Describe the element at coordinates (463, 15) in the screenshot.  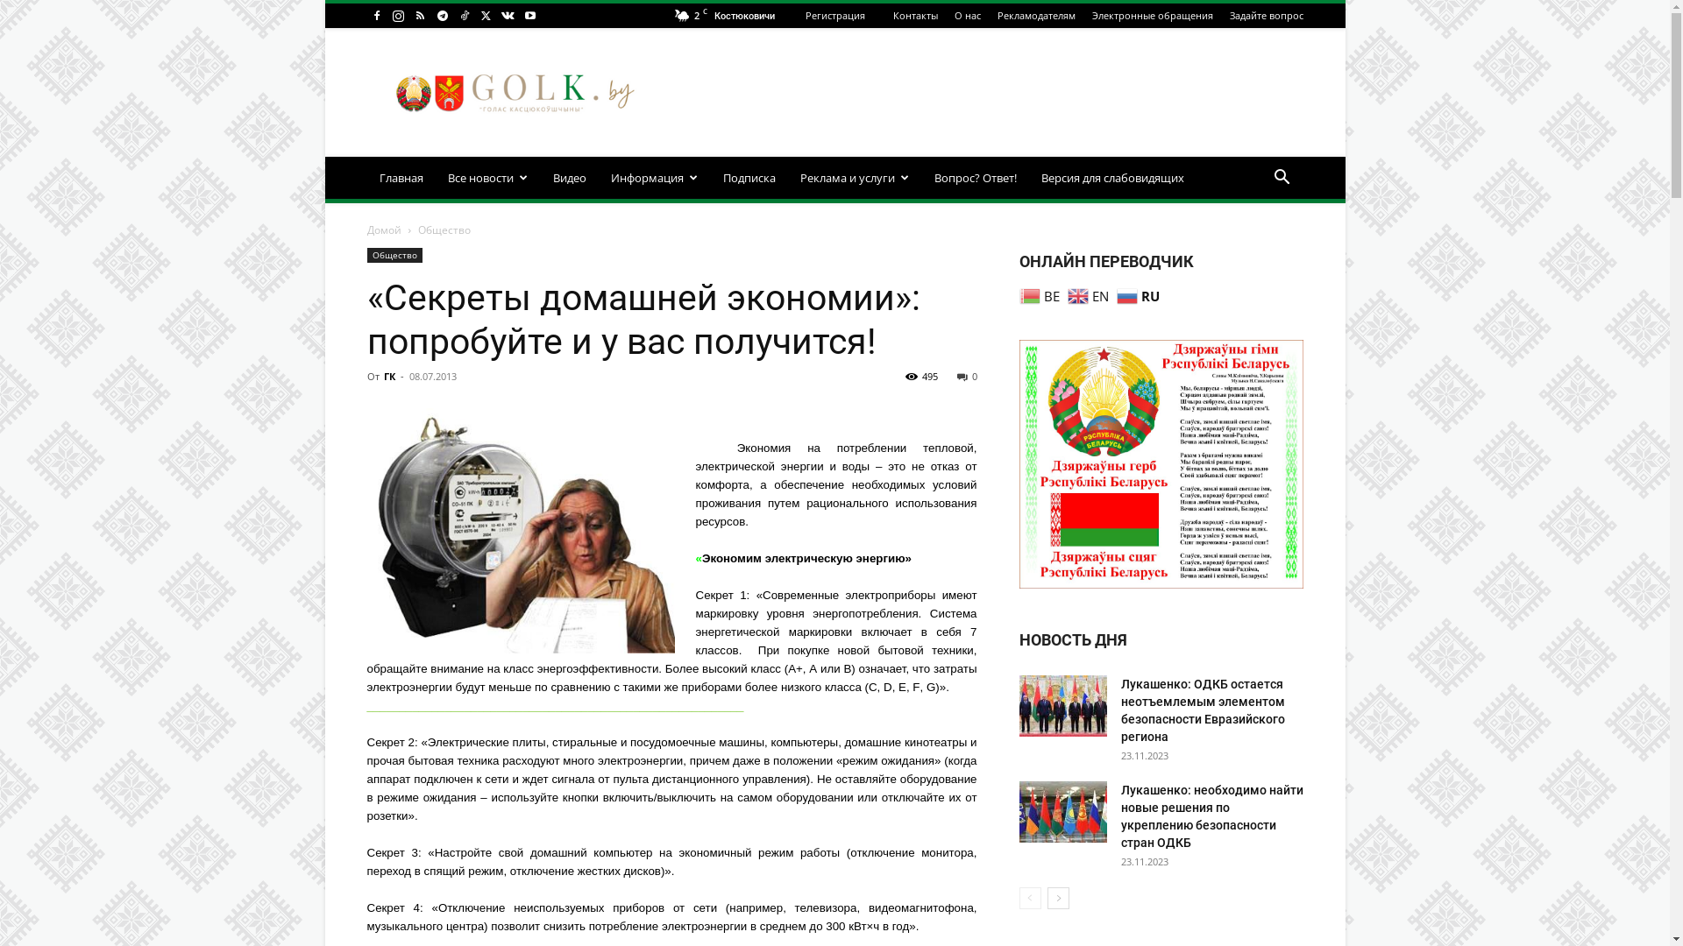
I see `'TikTok'` at that location.